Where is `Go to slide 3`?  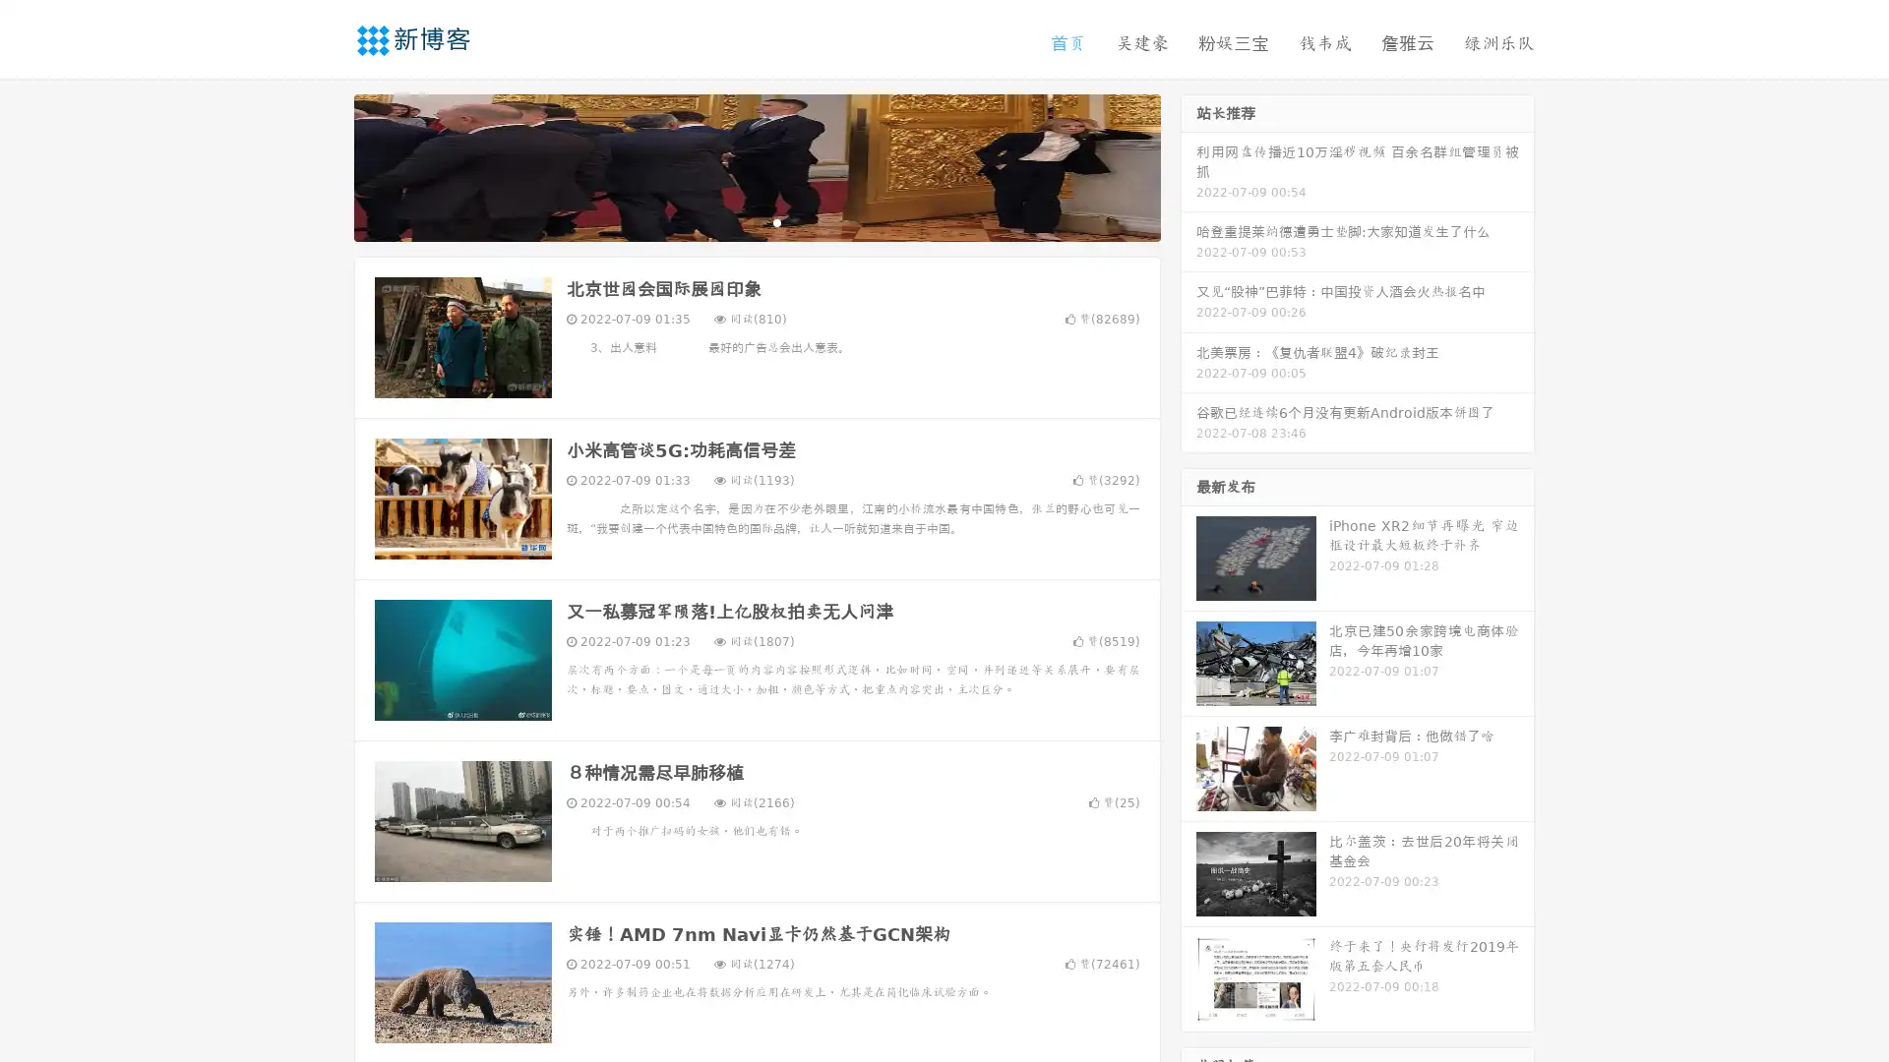 Go to slide 3 is located at coordinates (776, 221).